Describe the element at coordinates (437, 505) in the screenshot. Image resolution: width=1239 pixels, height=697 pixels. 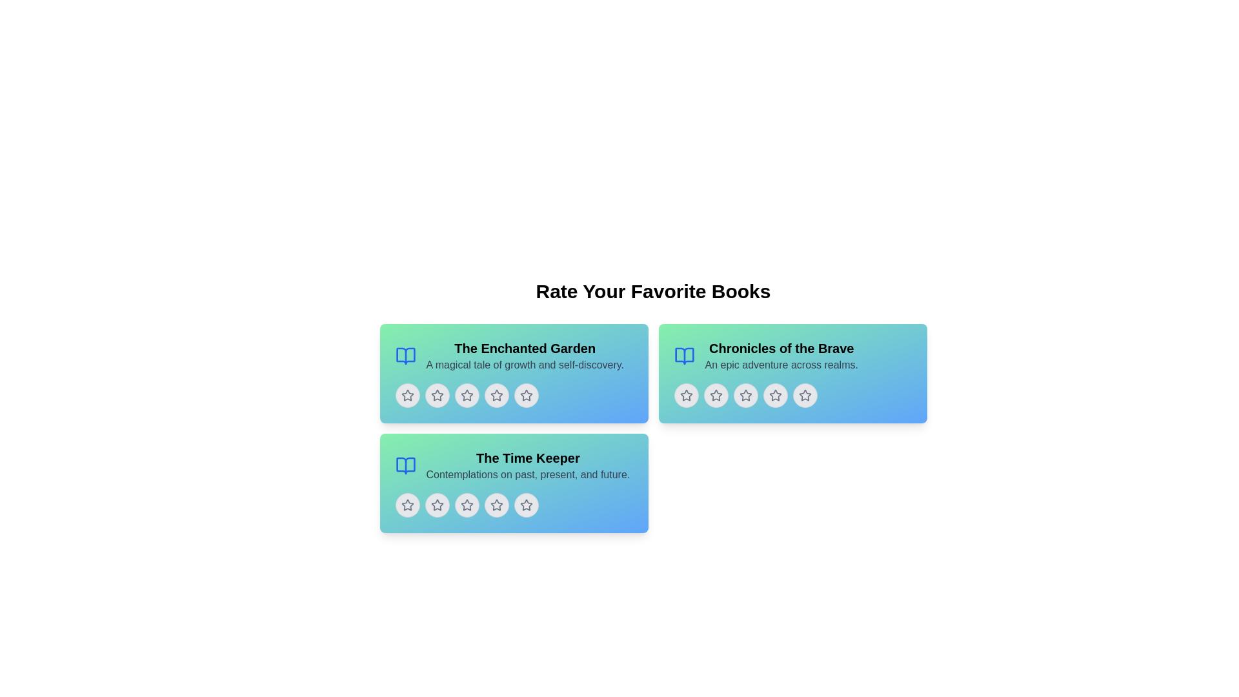
I see `the third star icon button in the rating row for 'The Time Keeper' card` at that location.